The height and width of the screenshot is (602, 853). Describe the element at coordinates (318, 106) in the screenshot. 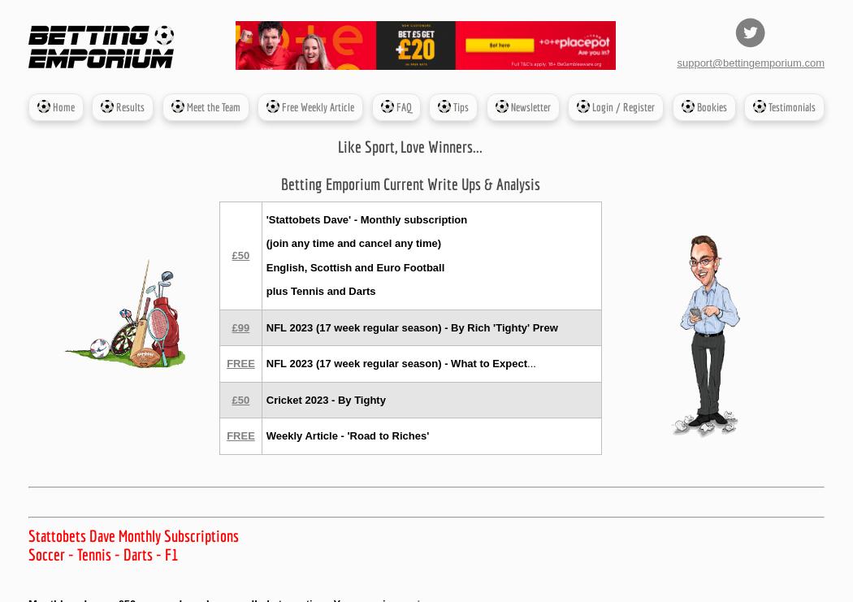

I see `'Free Weekly Article'` at that location.